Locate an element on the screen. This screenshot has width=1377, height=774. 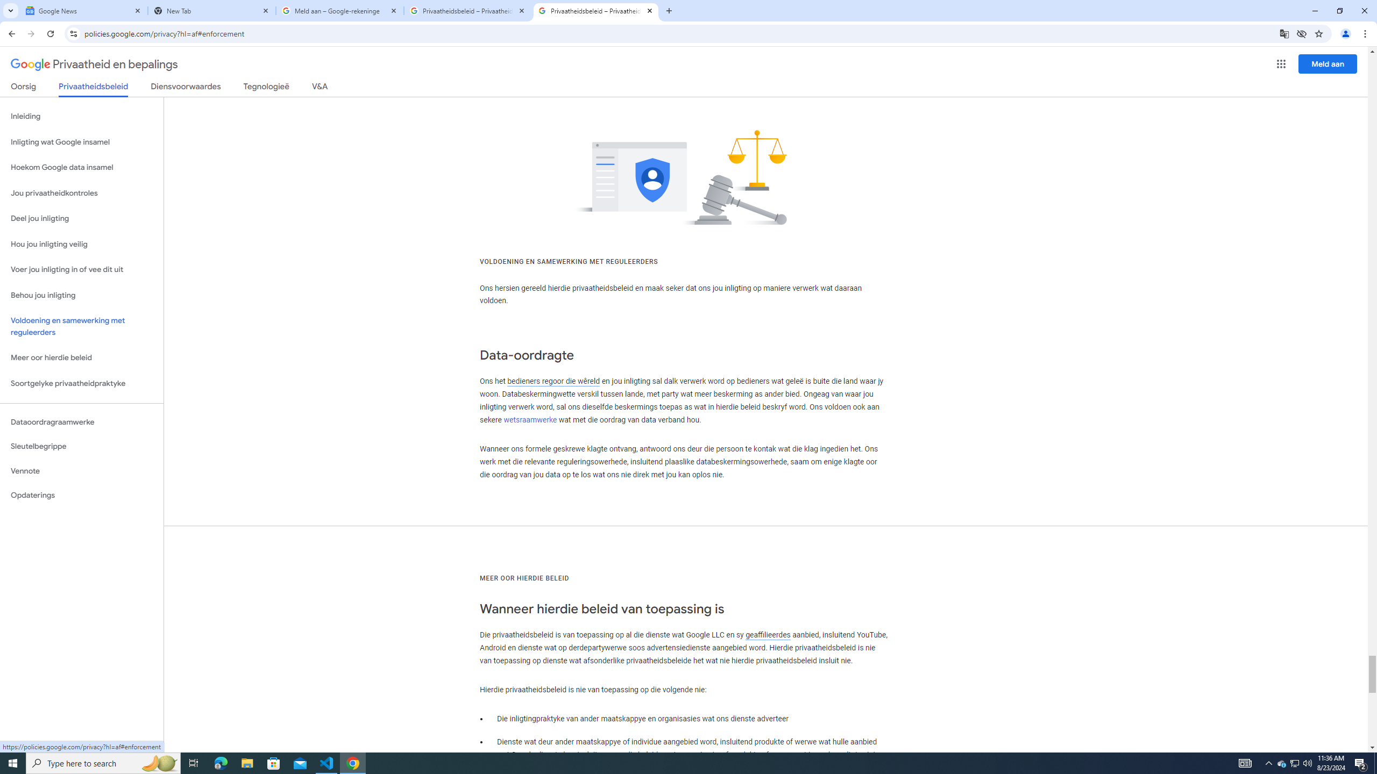
'Sleutelbegrippe' is located at coordinates (81, 446).